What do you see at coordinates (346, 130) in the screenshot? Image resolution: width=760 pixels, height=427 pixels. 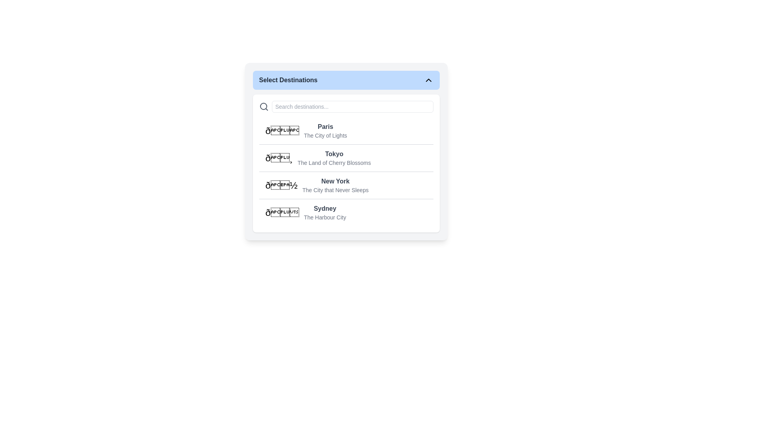 I see `the first selectable list item for 'Paris'` at bounding box center [346, 130].